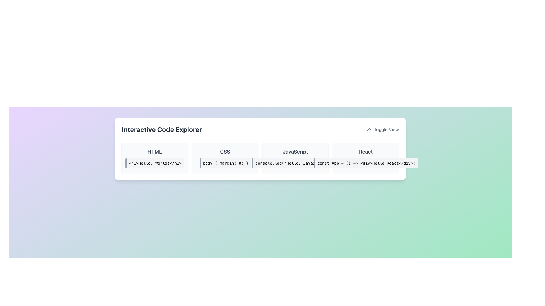 This screenshot has width=545, height=306. I want to click on the first interactive code example card positioned in the upper-left portion of the grid layout, so click(155, 158).